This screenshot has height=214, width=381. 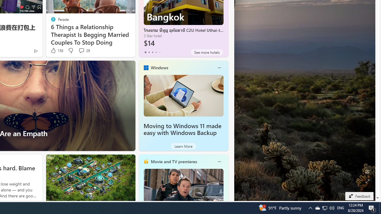 What do you see at coordinates (57, 50) in the screenshot?
I see `'158 Like'` at bounding box center [57, 50].